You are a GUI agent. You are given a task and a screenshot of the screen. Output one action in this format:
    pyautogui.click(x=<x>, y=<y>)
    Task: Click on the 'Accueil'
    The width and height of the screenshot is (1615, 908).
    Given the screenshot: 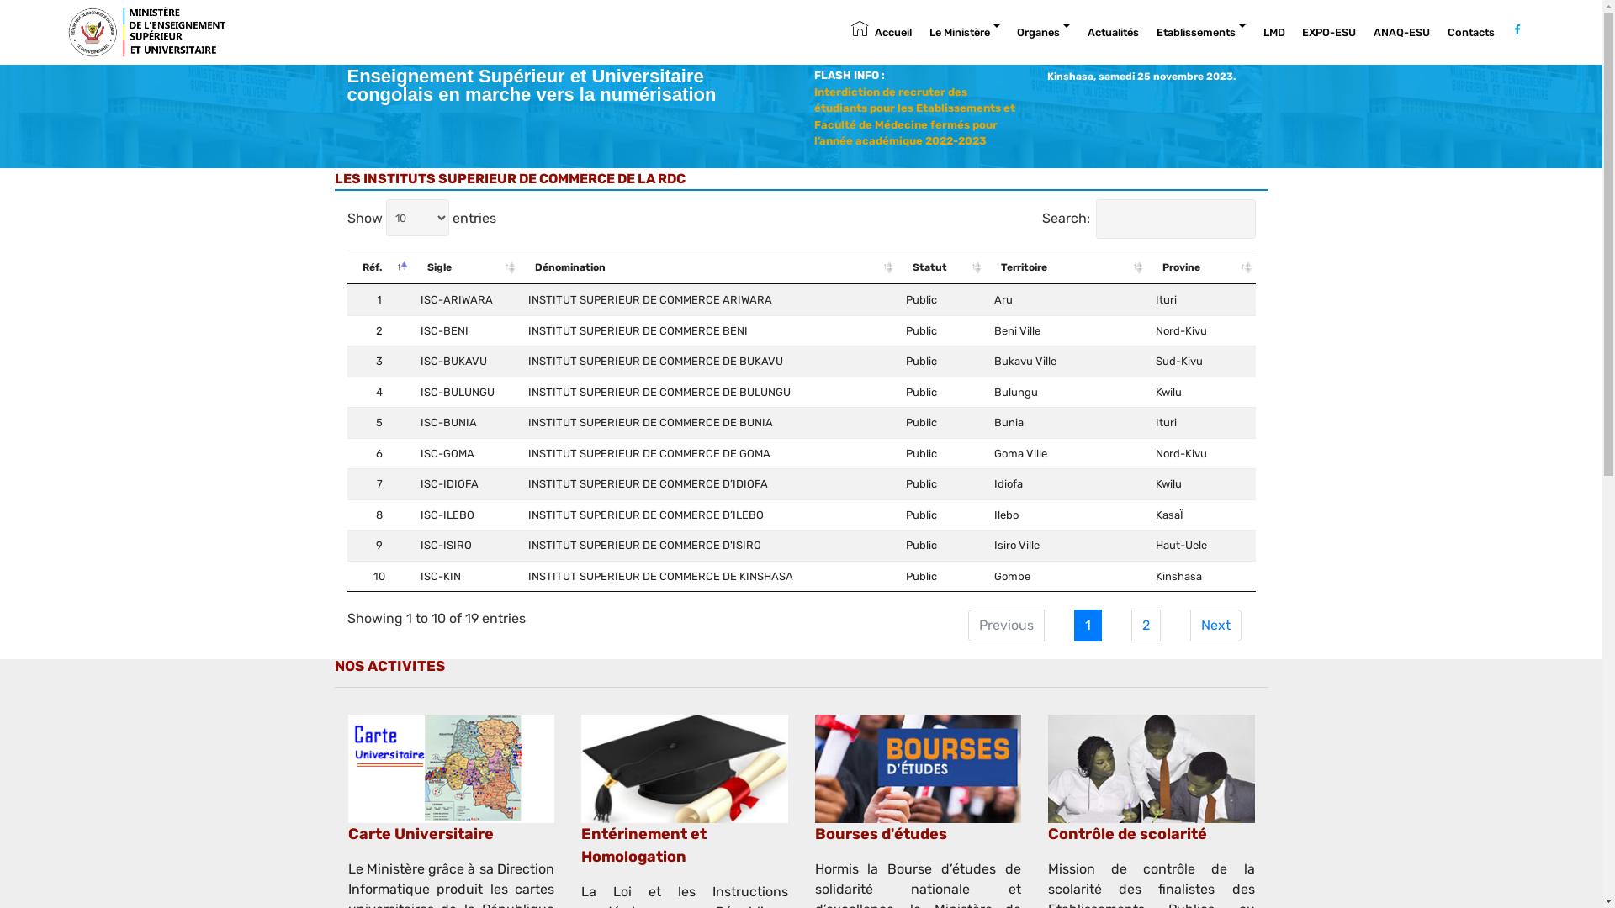 What is the action you would take?
    pyautogui.click(x=880, y=32)
    